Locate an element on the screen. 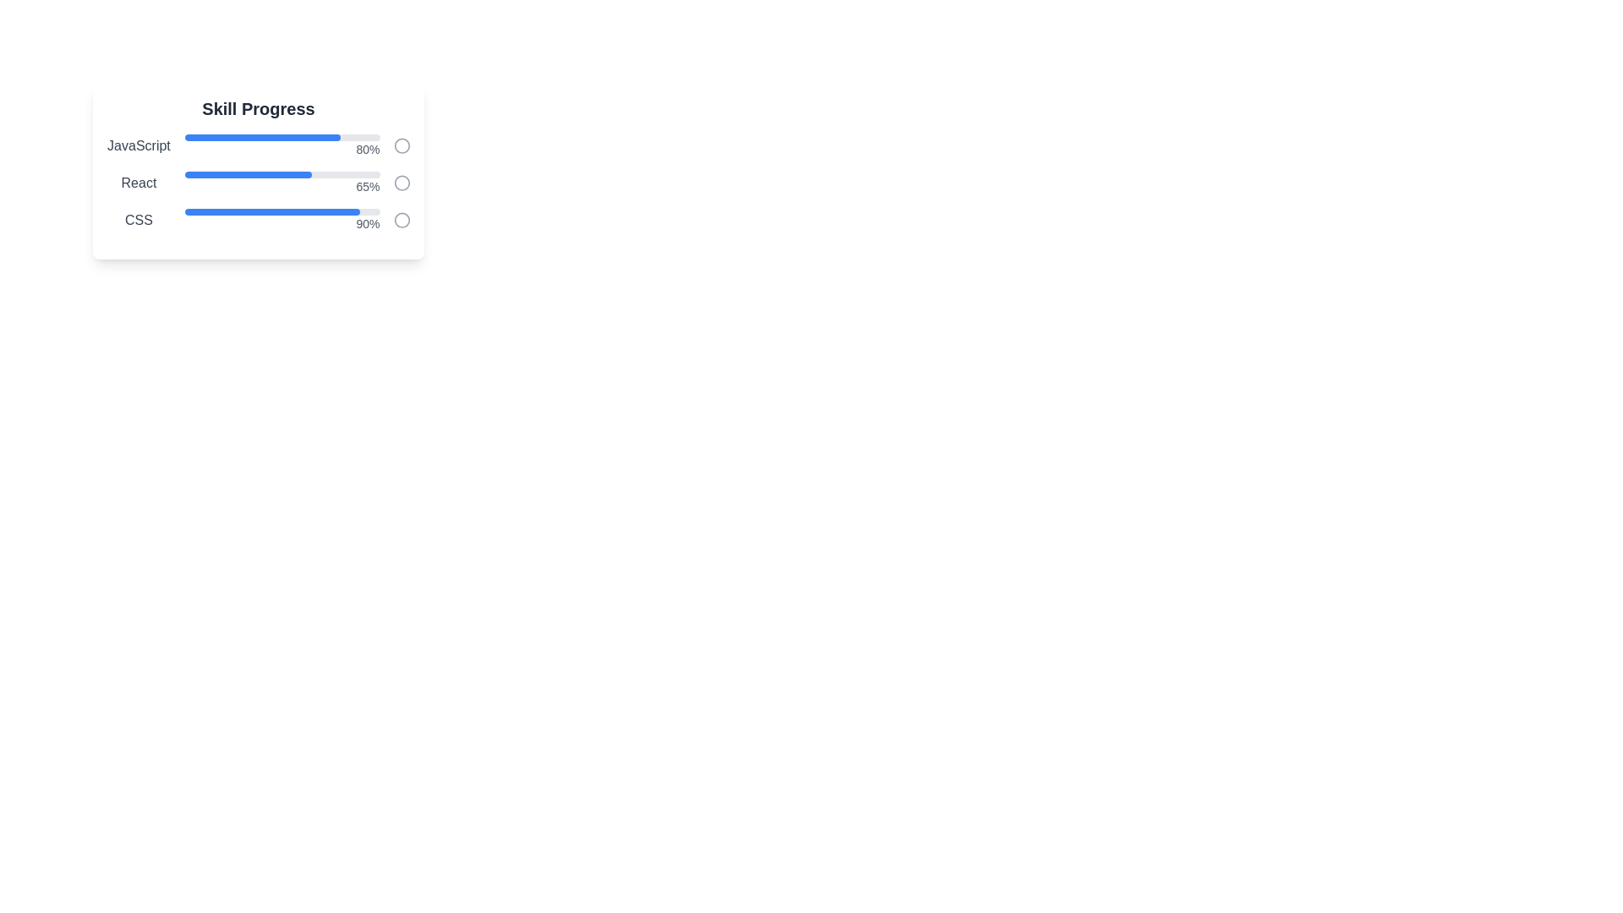  the decorative SVG circle icon indicating the CSS skill level, located at the far right end of the CSS skill progress row is located at coordinates (401, 220).